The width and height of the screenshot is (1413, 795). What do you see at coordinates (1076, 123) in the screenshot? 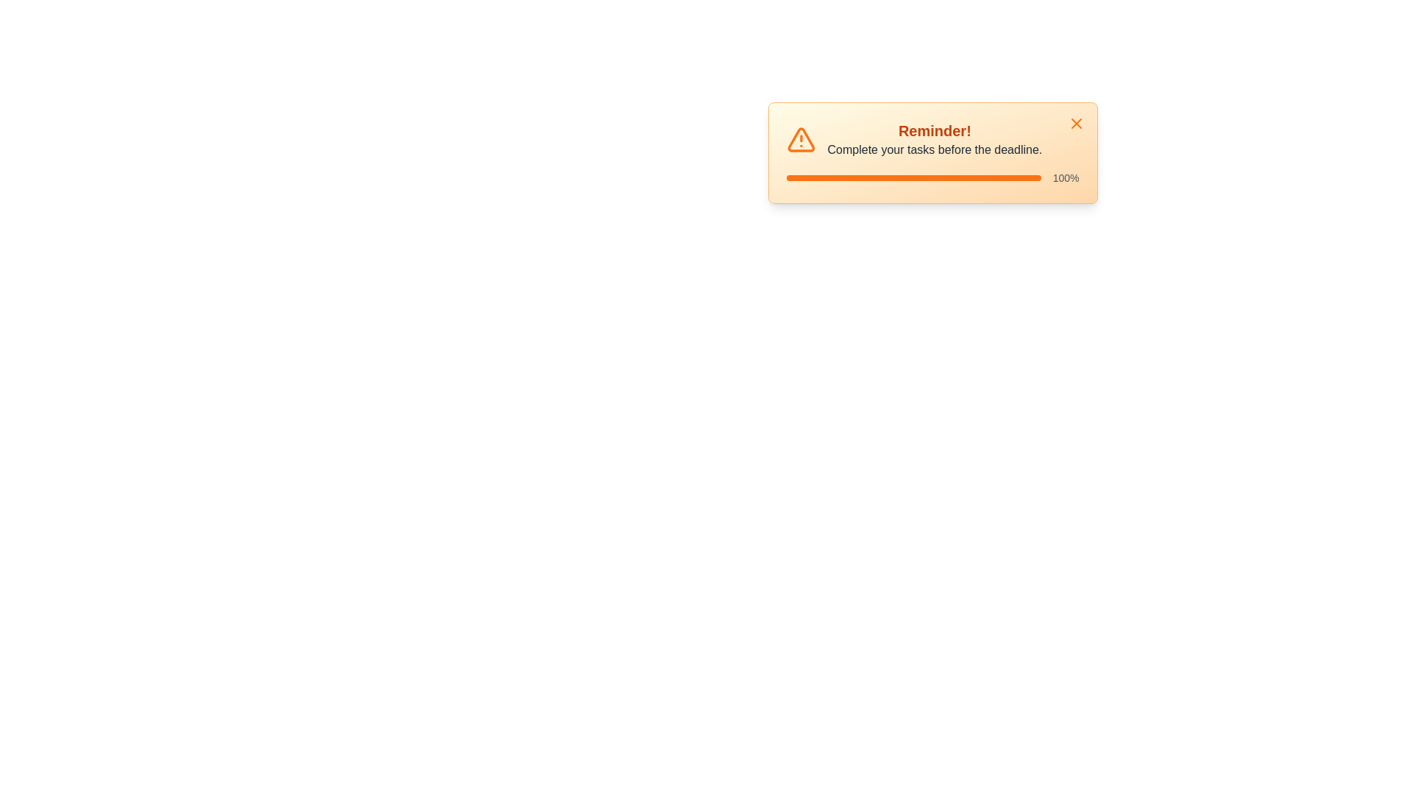
I see `the close button of the alert` at bounding box center [1076, 123].